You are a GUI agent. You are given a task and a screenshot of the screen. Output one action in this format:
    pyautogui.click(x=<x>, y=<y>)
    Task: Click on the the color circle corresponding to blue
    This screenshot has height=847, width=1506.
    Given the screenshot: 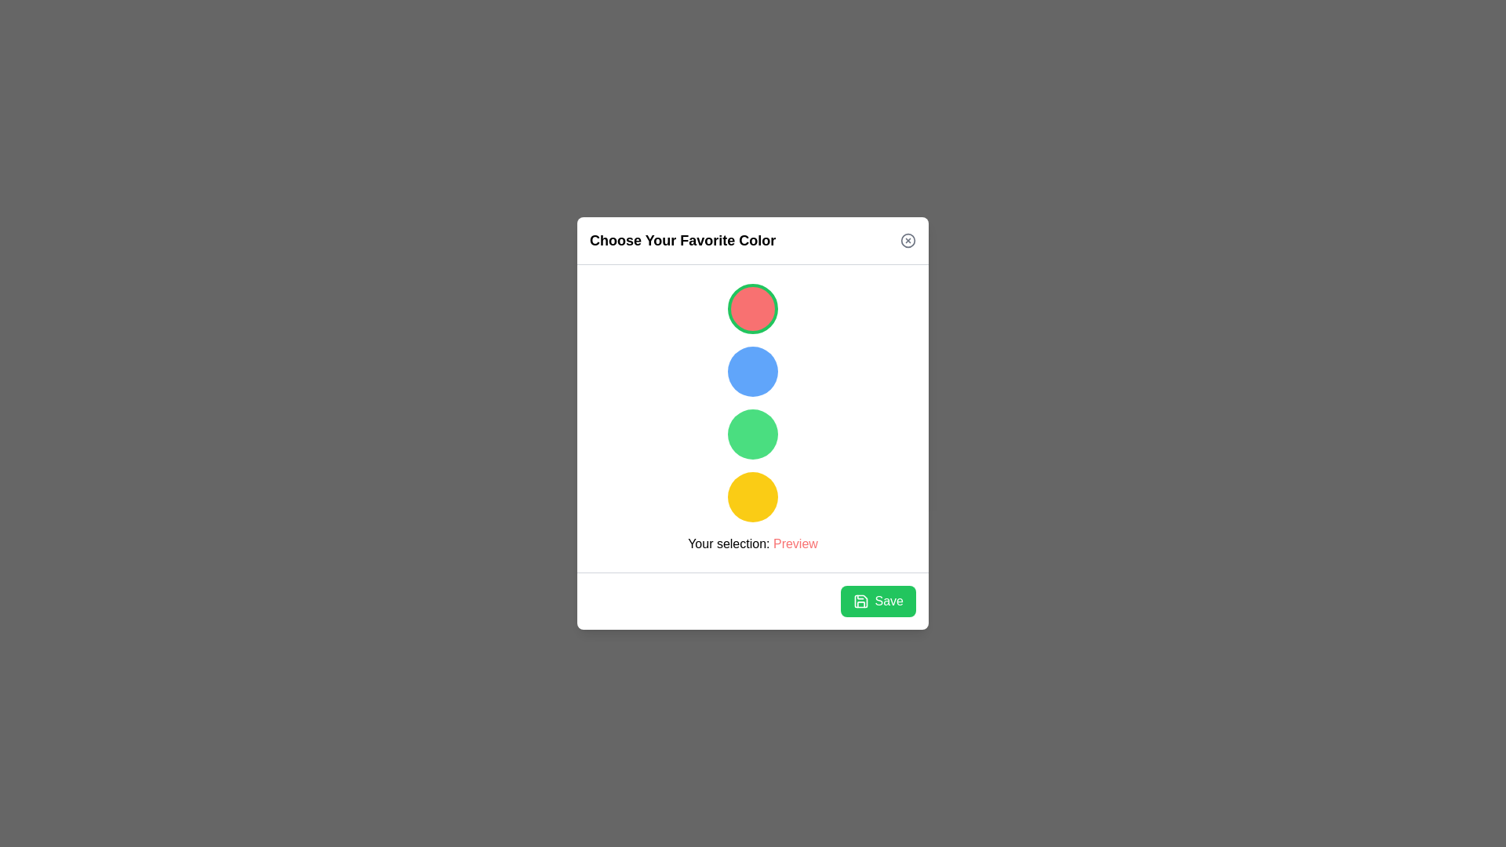 What is the action you would take?
    pyautogui.click(x=753, y=372)
    